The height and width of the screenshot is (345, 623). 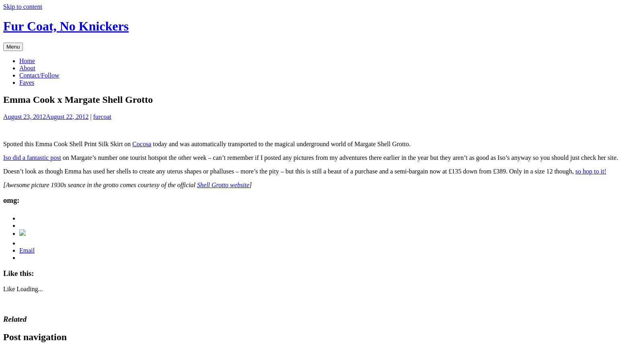 I want to click on 'so hop to it!', so click(x=590, y=171).